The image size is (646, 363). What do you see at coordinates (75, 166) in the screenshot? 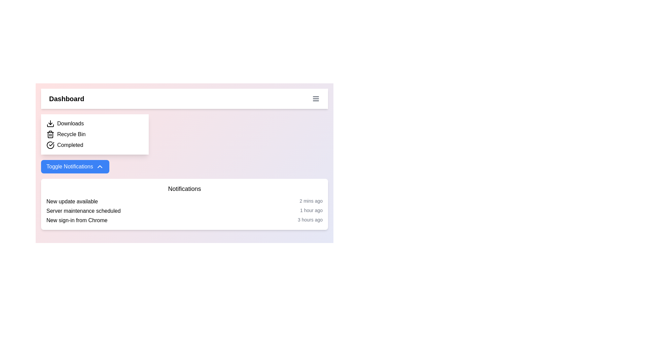
I see `the toggle button located below the menu items such as 'Downloads' and 'Recycle Bin'` at bounding box center [75, 166].